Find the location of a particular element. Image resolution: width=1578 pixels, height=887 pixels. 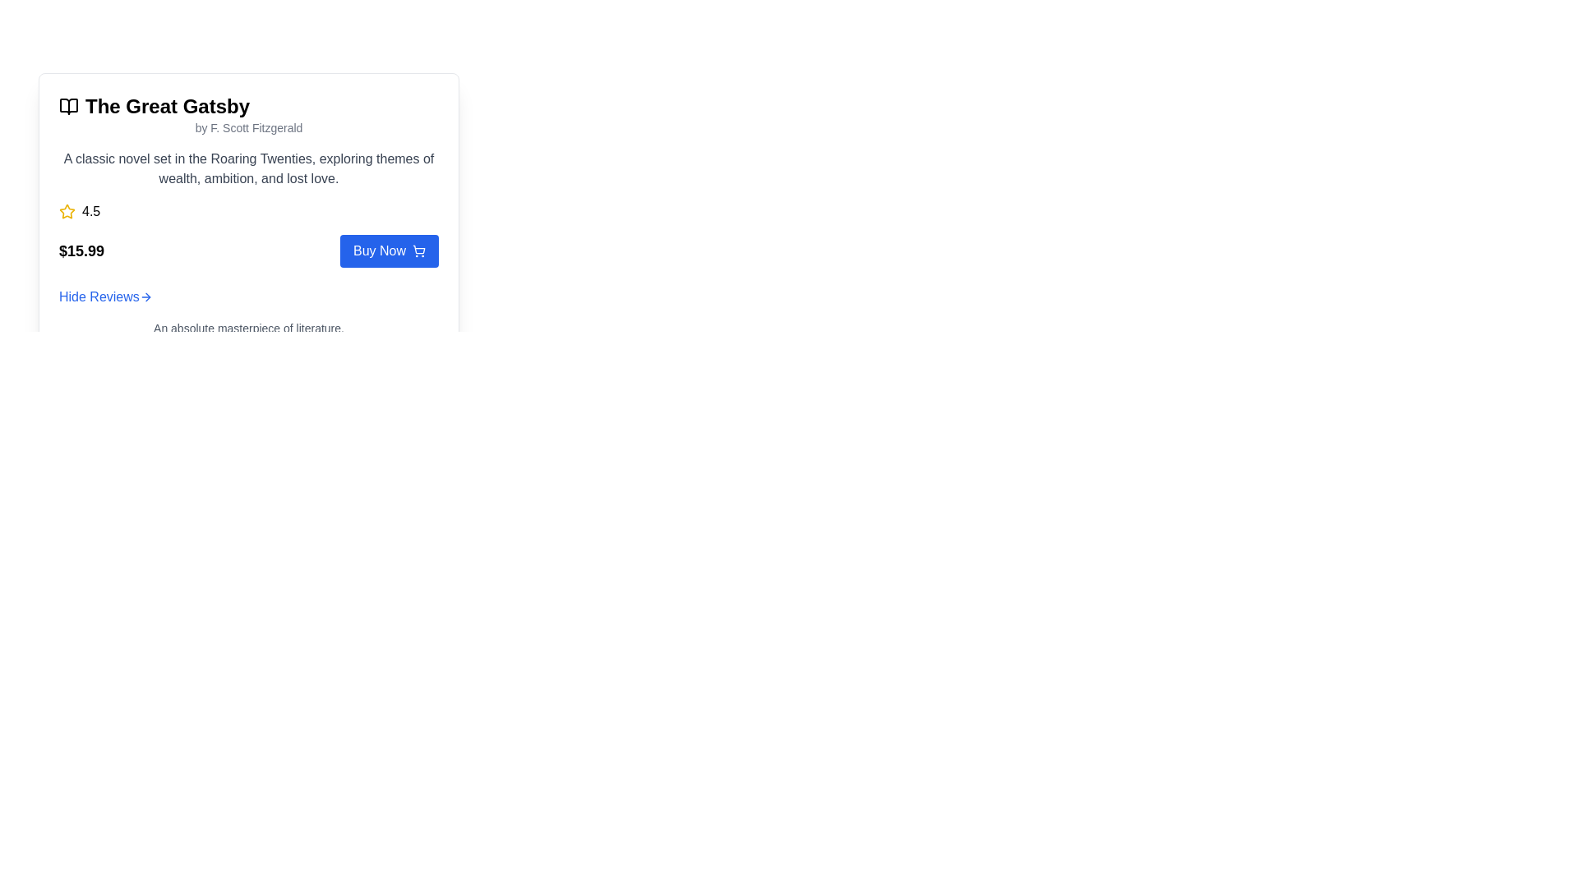

the text label displaying 'by F. Scott Fitzgerald' in gray font, which is positioned below the title 'The Great Gatsby' is located at coordinates (247, 126).